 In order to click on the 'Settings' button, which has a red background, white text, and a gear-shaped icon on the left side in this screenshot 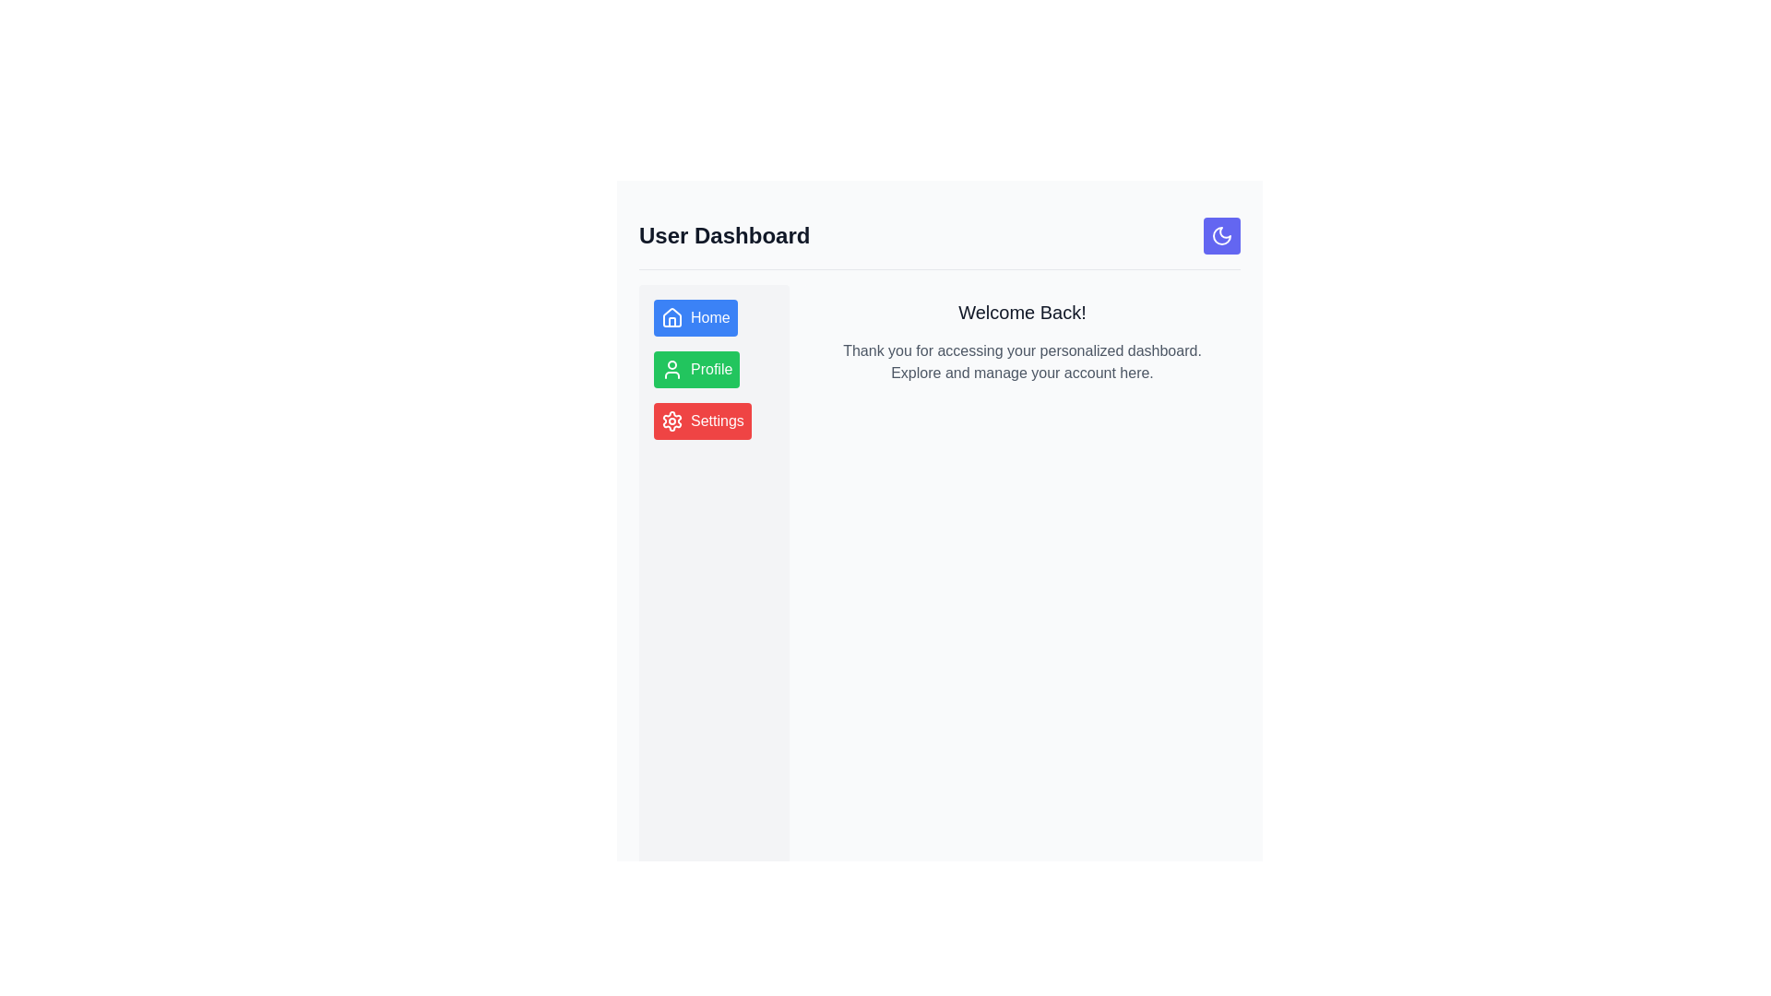, I will do `click(701, 421)`.